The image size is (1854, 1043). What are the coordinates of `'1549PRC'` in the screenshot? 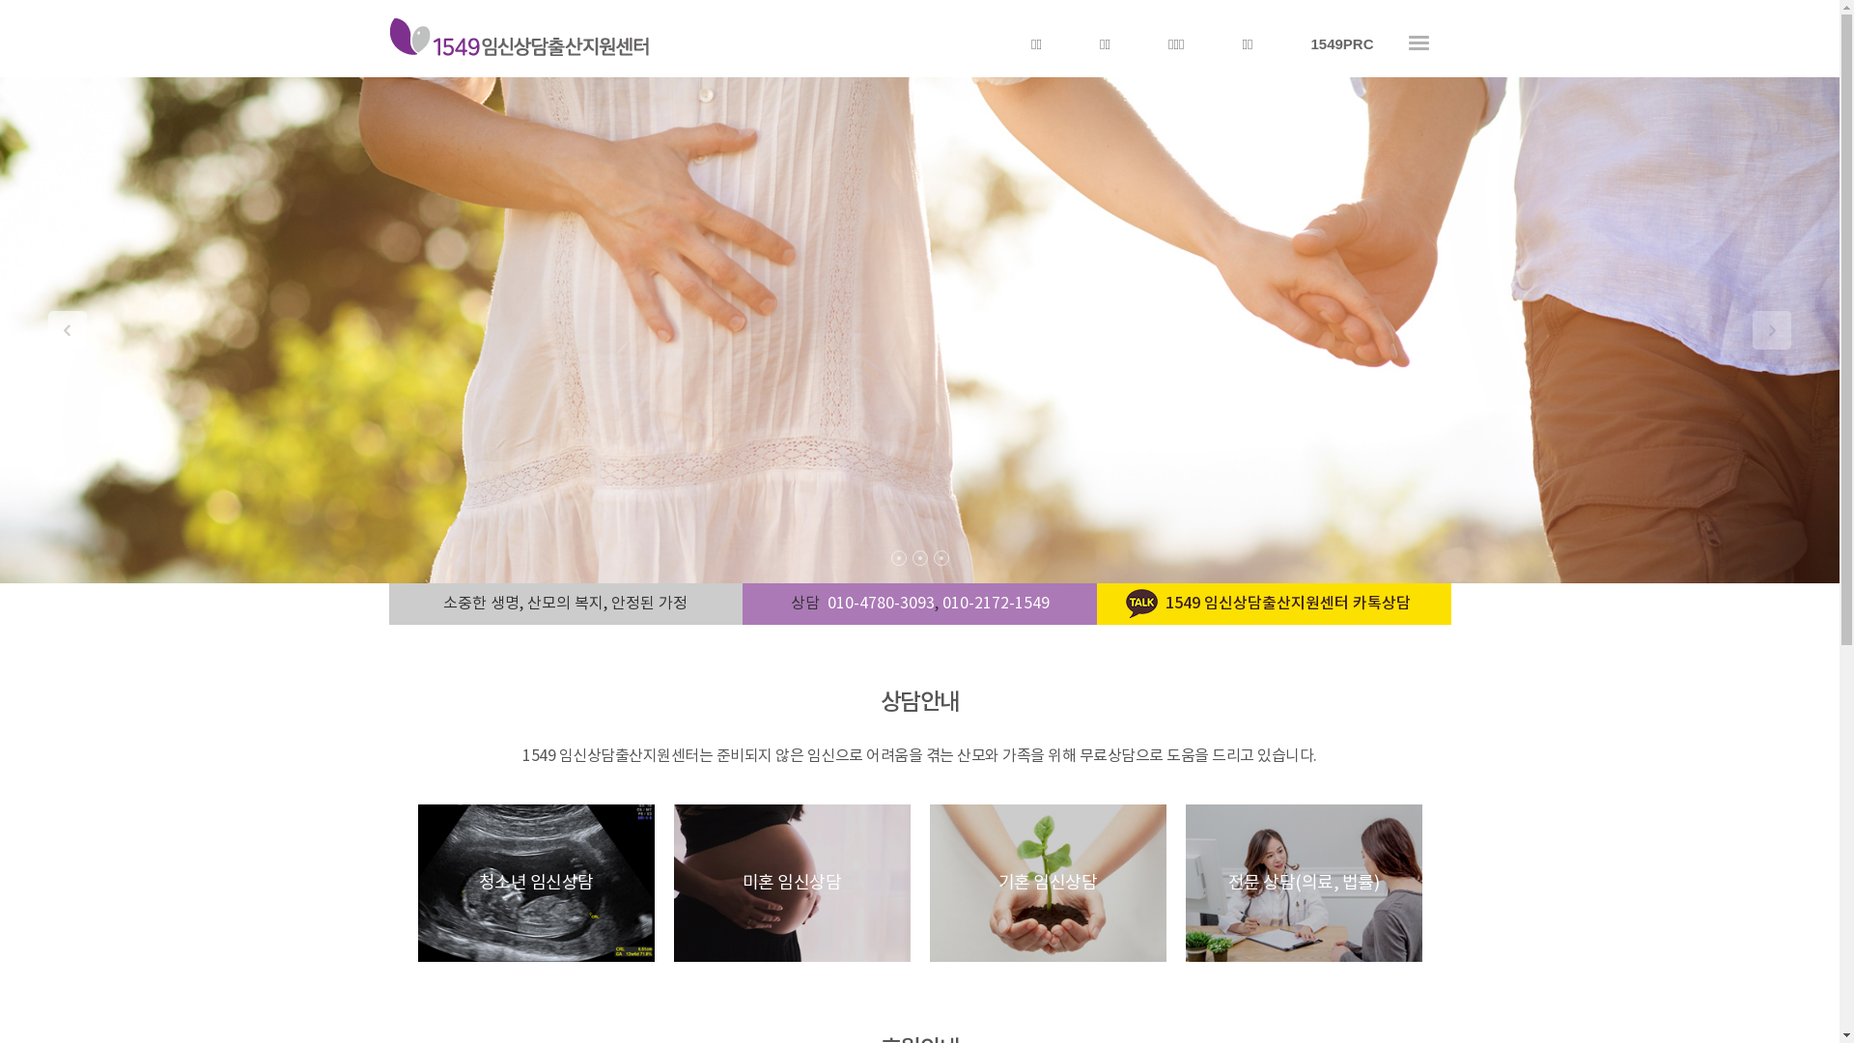 It's located at (1340, 43).